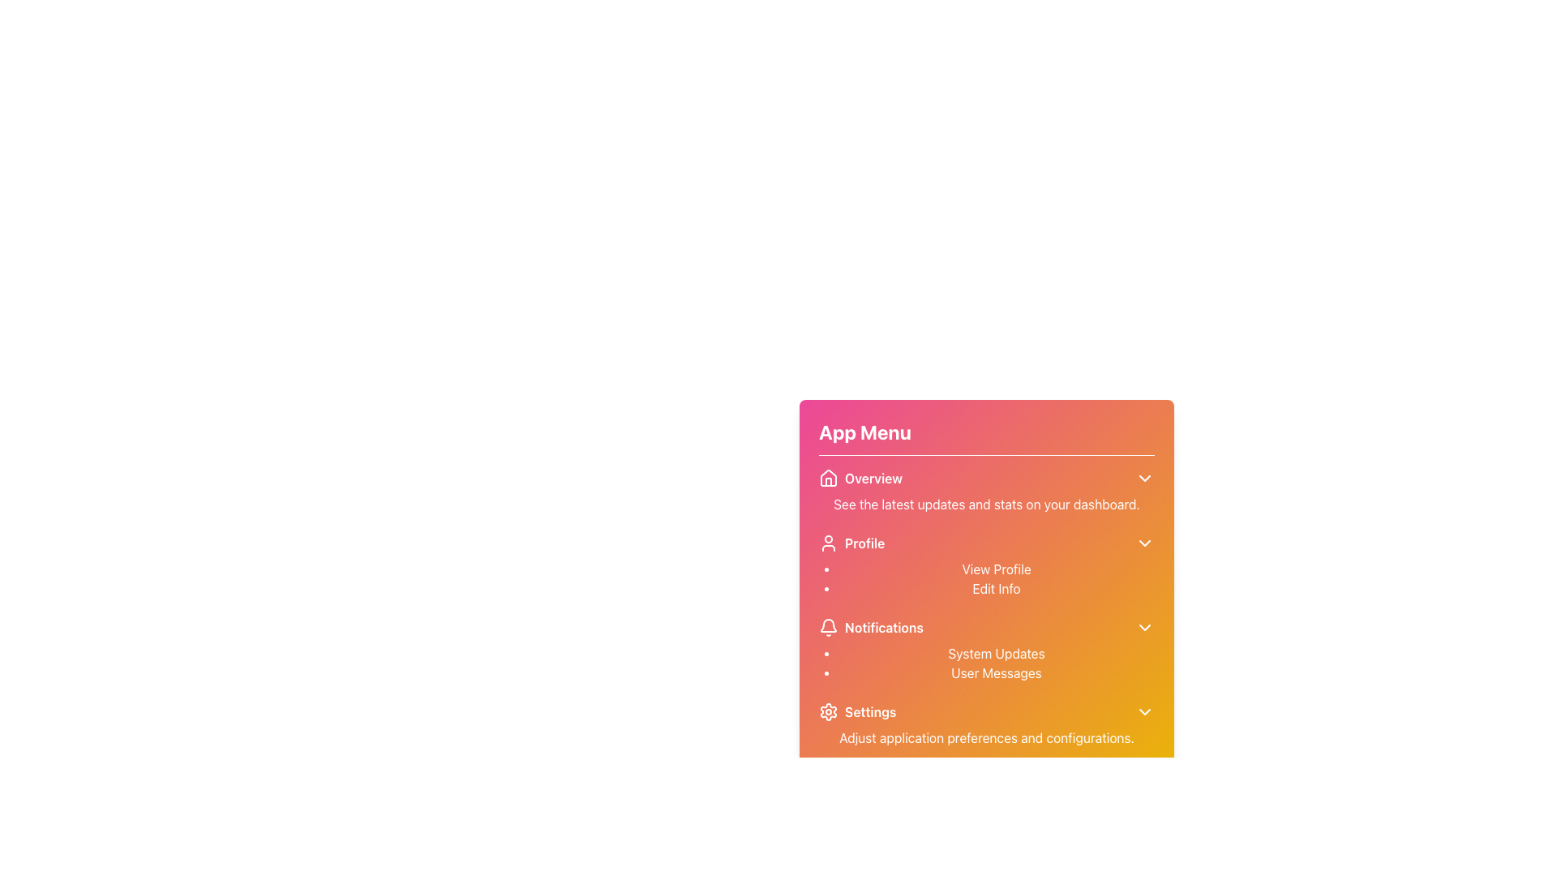  I want to click on 'App Menu' heading located at the top of the vertical menu interface, styled with bold white text on a gradient background transitioning from pink to orange, so click(864, 431).